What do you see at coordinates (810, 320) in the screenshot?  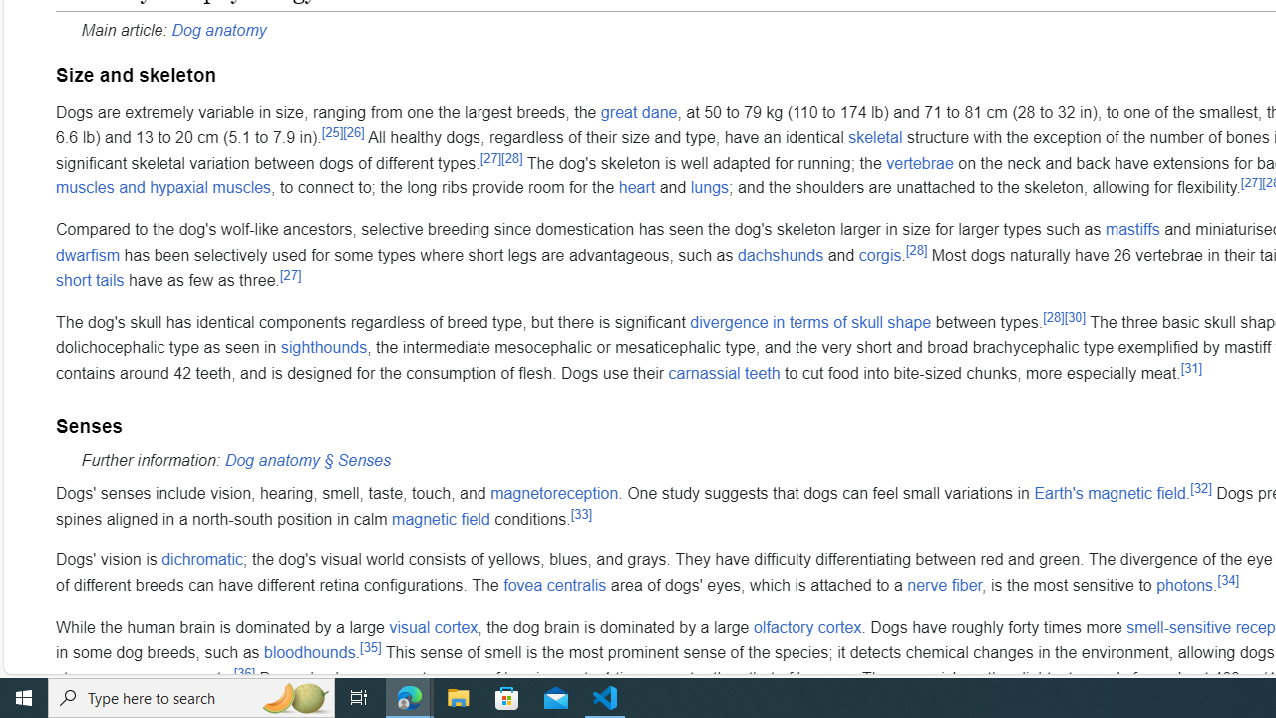 I see `'divergence in terms of skull shape'` at bounding box center [810, 320].